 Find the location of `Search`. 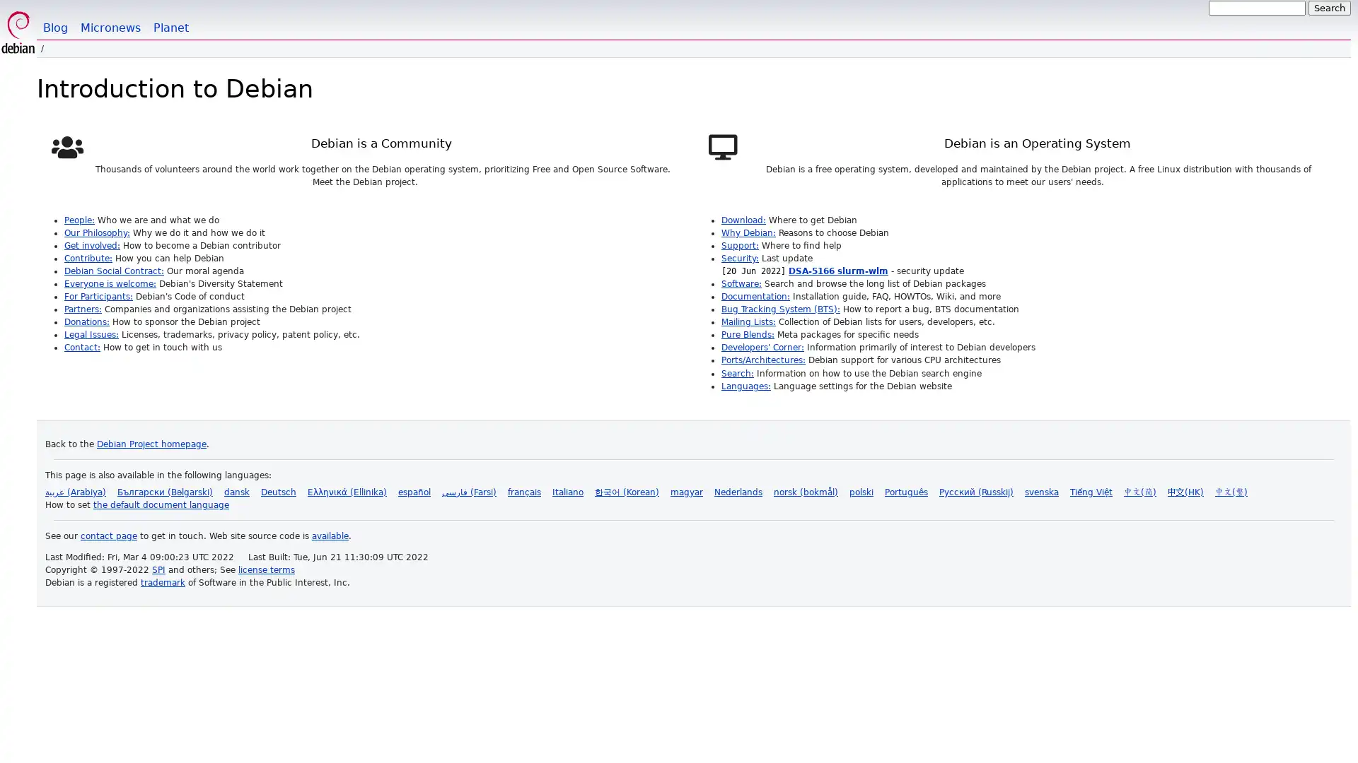

Search is located at coordinates (1329, 8).